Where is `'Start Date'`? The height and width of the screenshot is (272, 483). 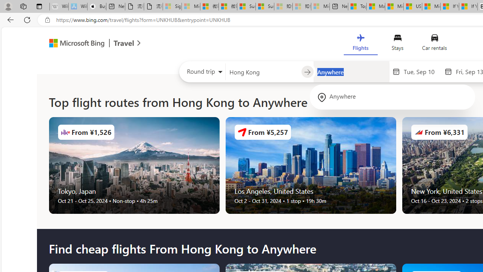
'Start Date' is located at coordinates (421, 71).